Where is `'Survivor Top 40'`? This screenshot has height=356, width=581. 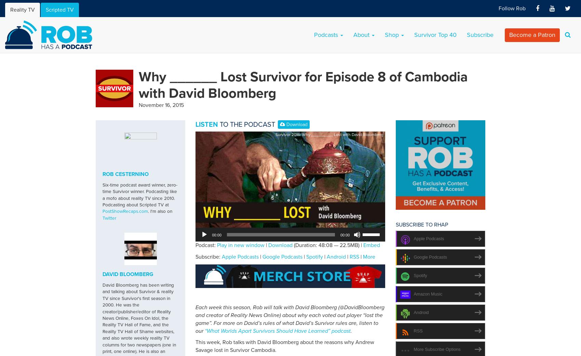
'Survivor Top 40' is located at coordinates (435, 35).